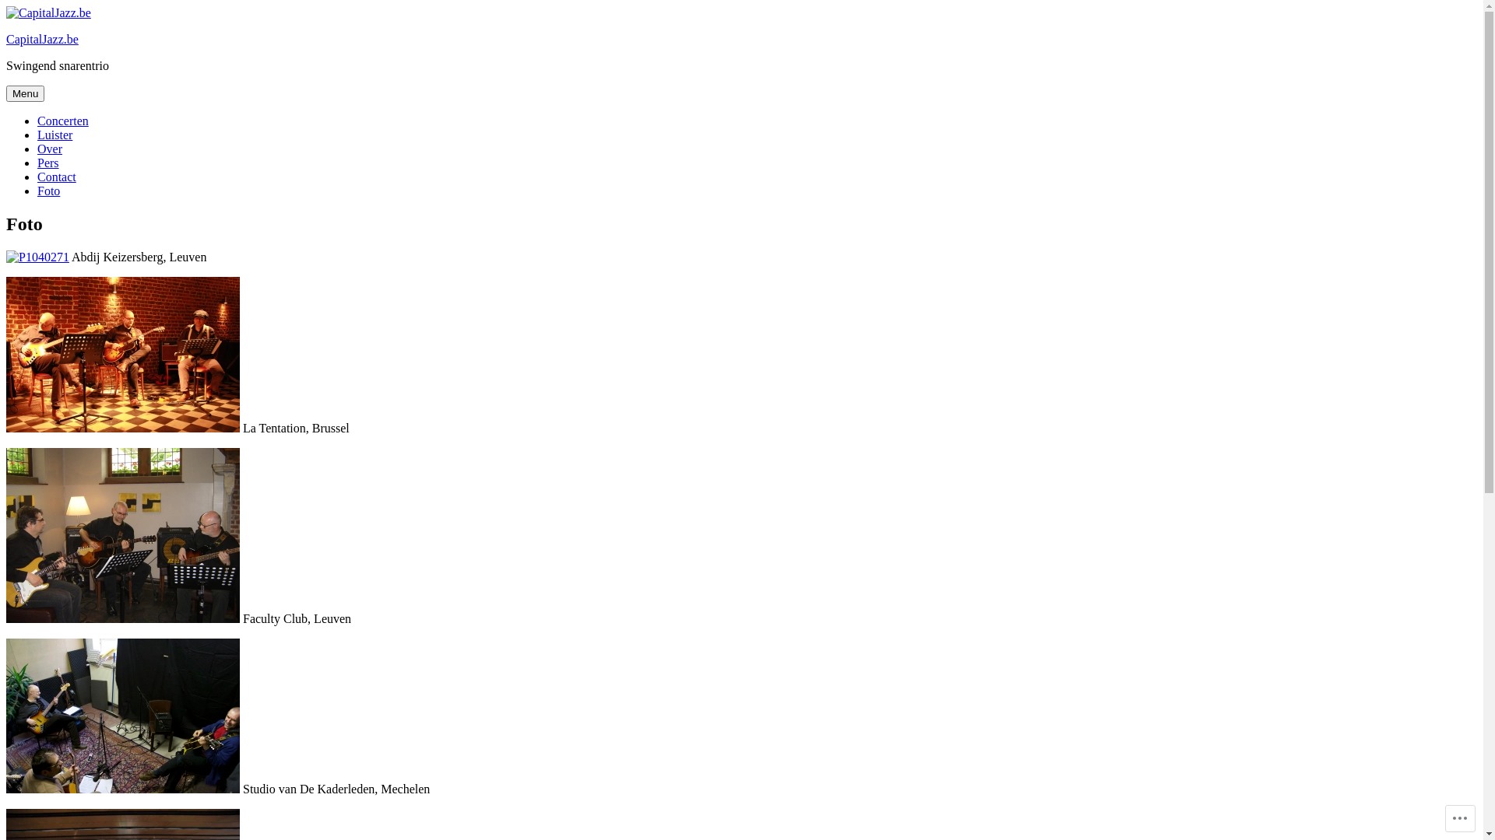 This screenshot has height=840, width=1495. What do you see at coordinates (48, 163) in the screenshot?
I see `'Pers'` at bounding box center [48, 163].